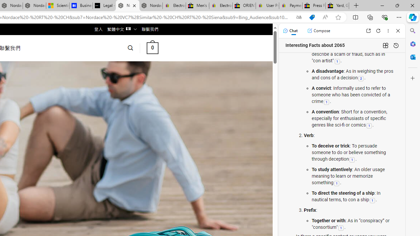  Describe the element at coordinates (267, 6) in the screenshot. I see `'User Privacy Notice | eBay'` at that location.